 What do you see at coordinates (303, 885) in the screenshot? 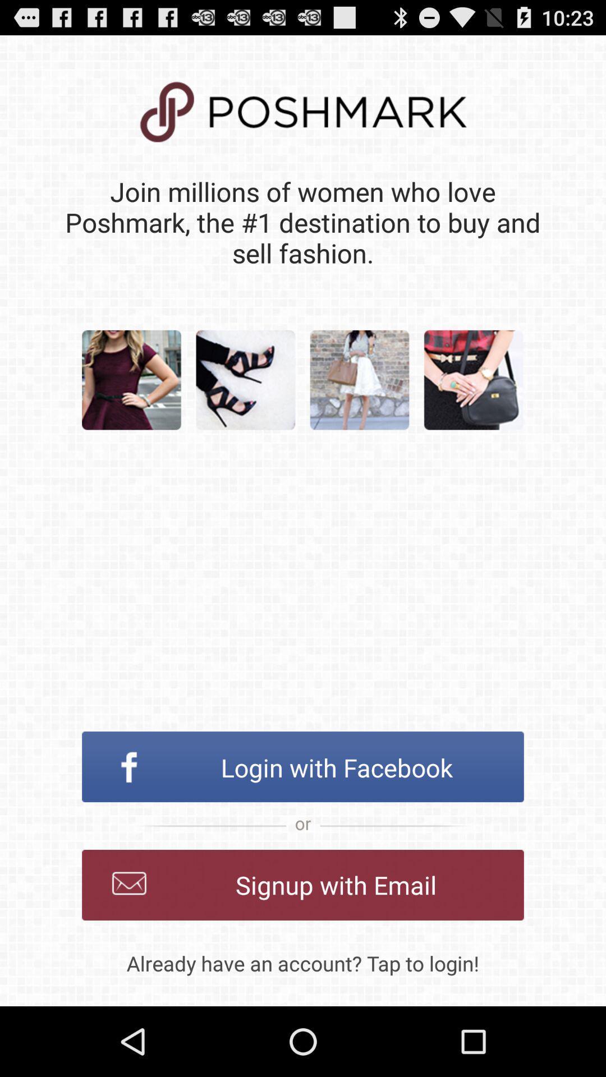
I see `icon above already have an item` at bounding box center [303, 885].